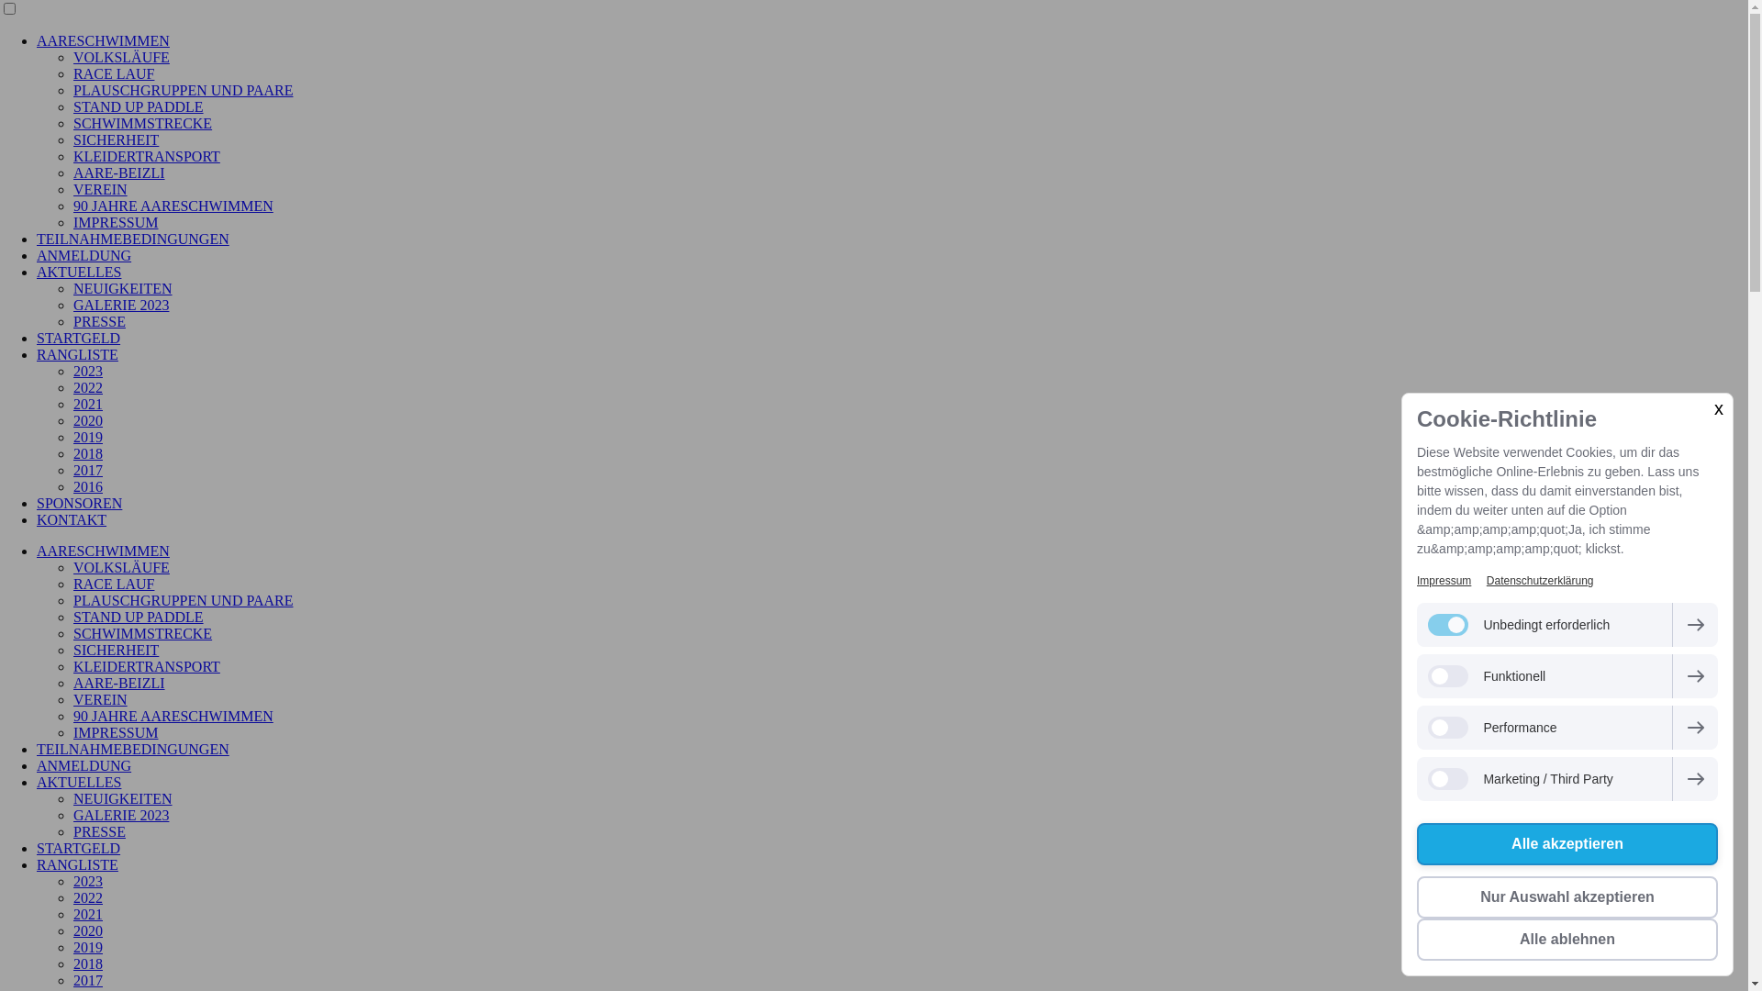 The width and height of the screenshot is (1762, 991). What do you see at coordinates (114, 731) in the screenshot?
I see `'IMPRESSUM'` at bounding box center [114, 731].